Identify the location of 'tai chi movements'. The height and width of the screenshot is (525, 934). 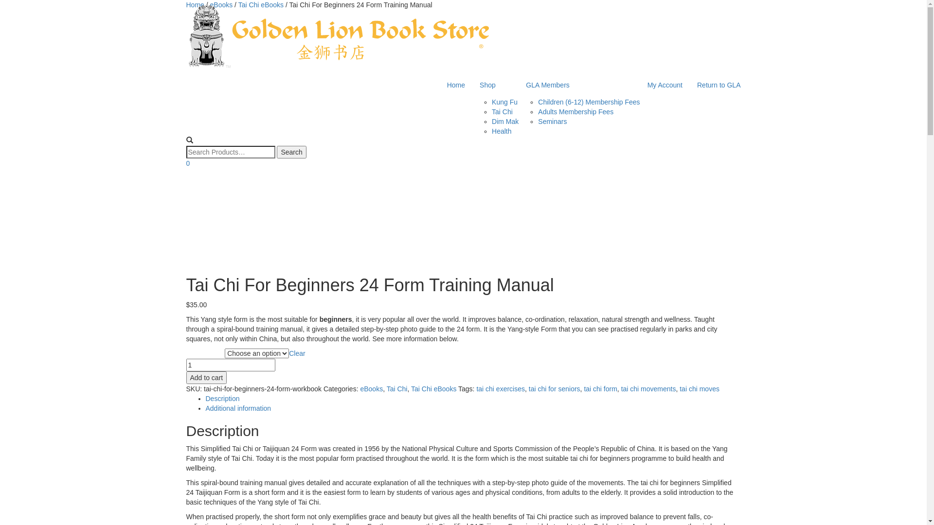
(648, 388).